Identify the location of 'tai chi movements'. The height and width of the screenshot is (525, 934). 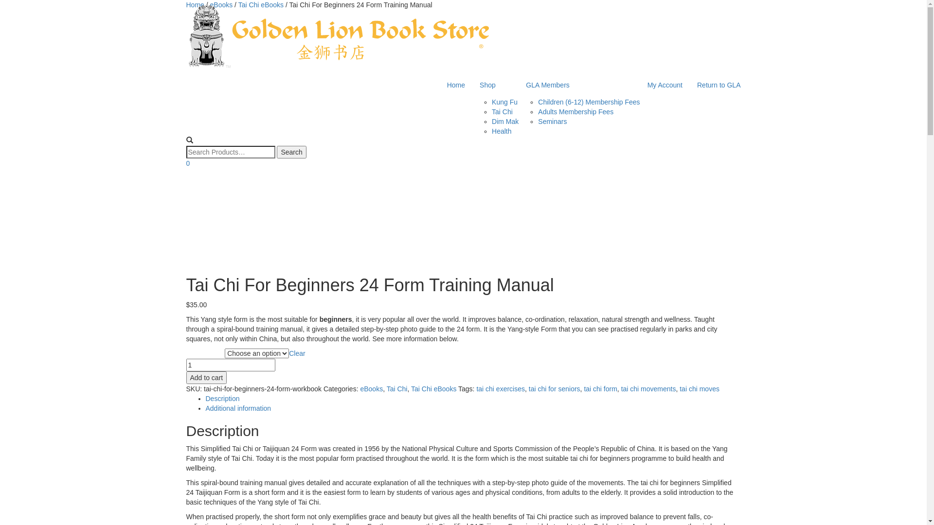
(648, 388).